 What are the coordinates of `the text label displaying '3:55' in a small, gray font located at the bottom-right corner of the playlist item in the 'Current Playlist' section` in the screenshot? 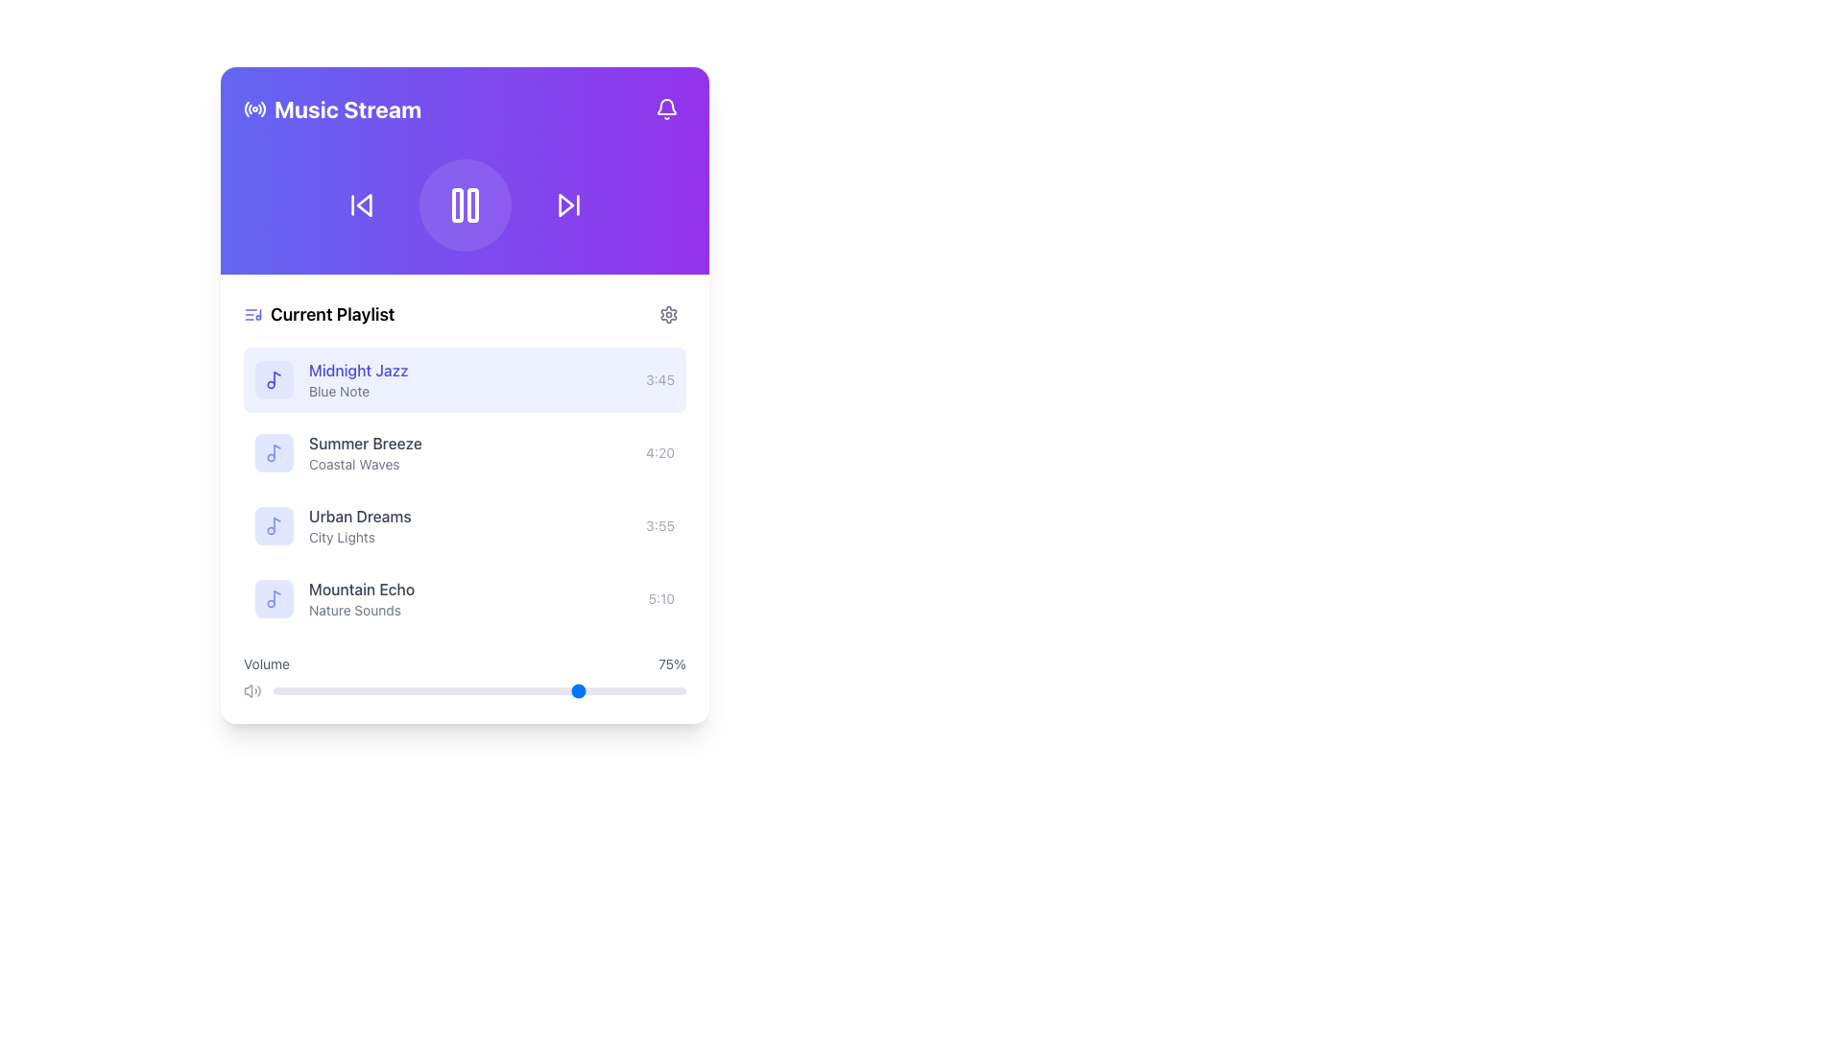 It's located at (660, 525).